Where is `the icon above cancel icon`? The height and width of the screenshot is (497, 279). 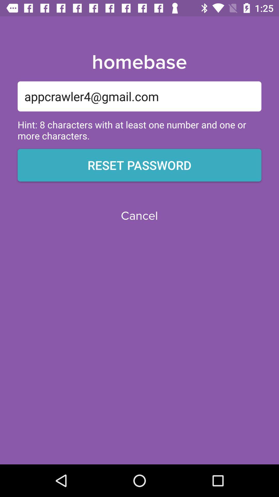 the icon above cancel icon is located at coordinates (139, 165).